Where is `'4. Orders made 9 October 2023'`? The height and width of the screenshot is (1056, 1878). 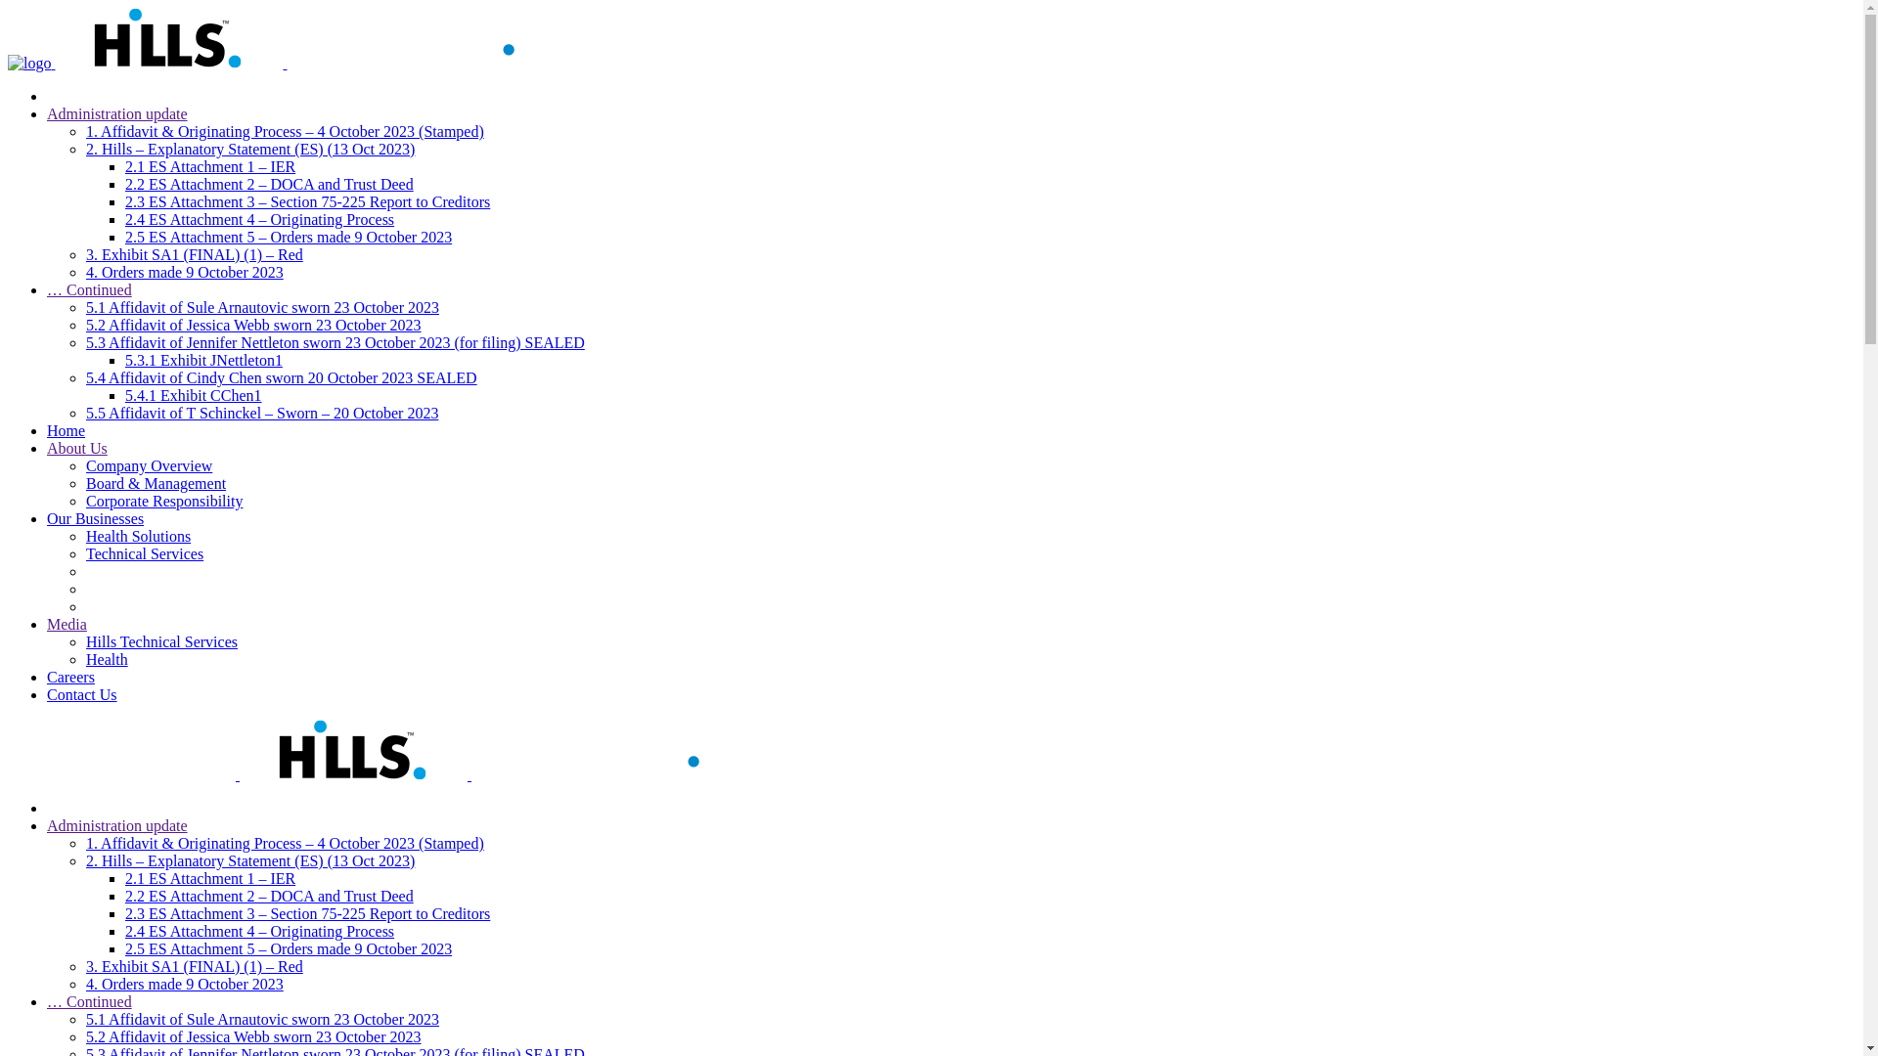
'4. Orders made 9 October 2023' is located at coordinates (184, 272).